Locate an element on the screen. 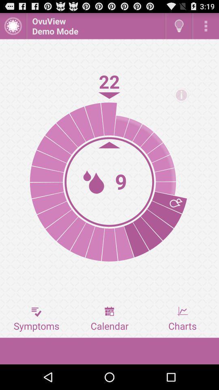 The image size is (219, 390). button next to symptoms is located at coordinates (109, 319).